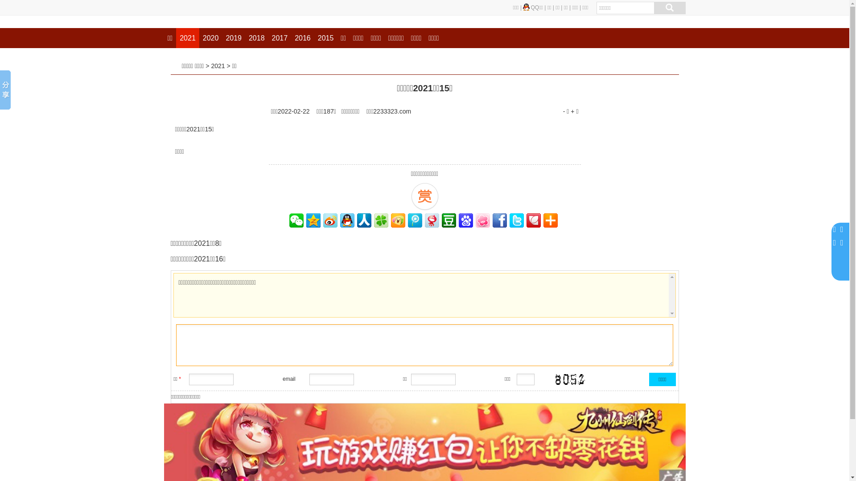 This screenshot has width=856, height=481. Describe the element at coordinates (280, 37) in the screenshot. I see `'2017'` at that location.